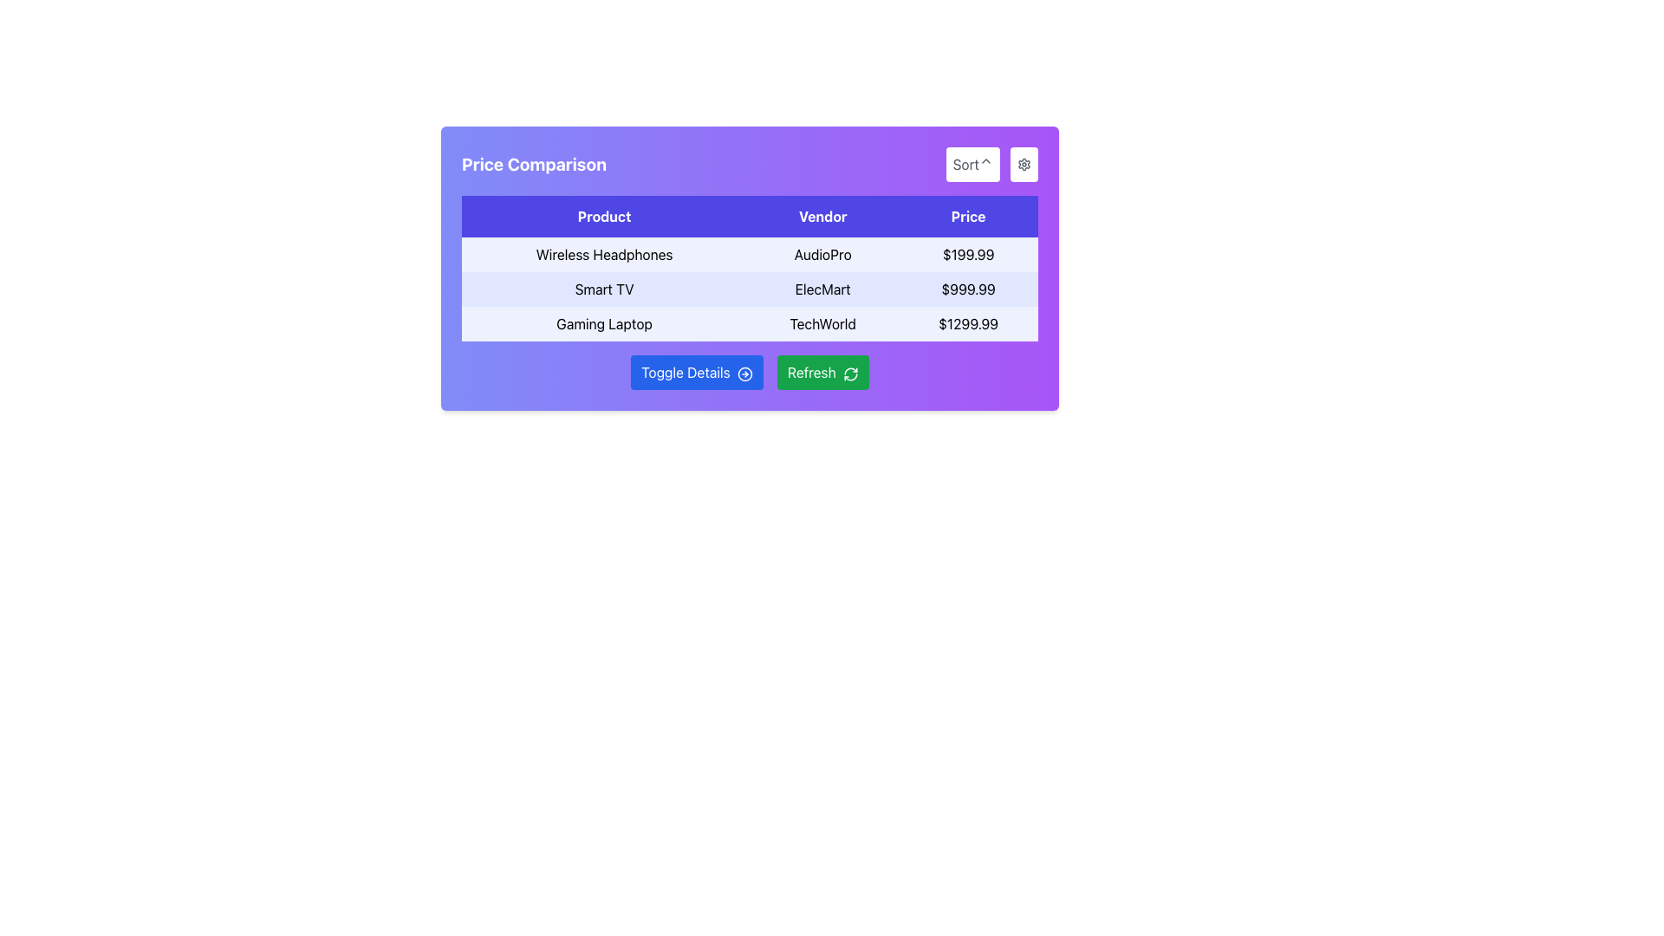 This screenshot has height=936, width=1664. Describe the element at coordinates (604, 324) in the screenshot. I see `the text label representing the product name in the third row of the table under the 'Product' column` at that location.